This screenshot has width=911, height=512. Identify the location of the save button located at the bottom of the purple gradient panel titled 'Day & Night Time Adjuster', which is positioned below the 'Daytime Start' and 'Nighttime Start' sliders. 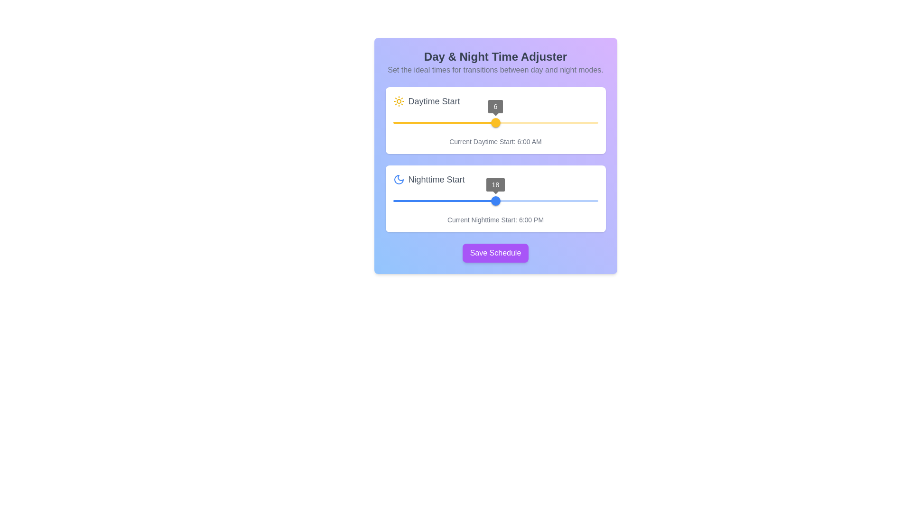
(495, 252).